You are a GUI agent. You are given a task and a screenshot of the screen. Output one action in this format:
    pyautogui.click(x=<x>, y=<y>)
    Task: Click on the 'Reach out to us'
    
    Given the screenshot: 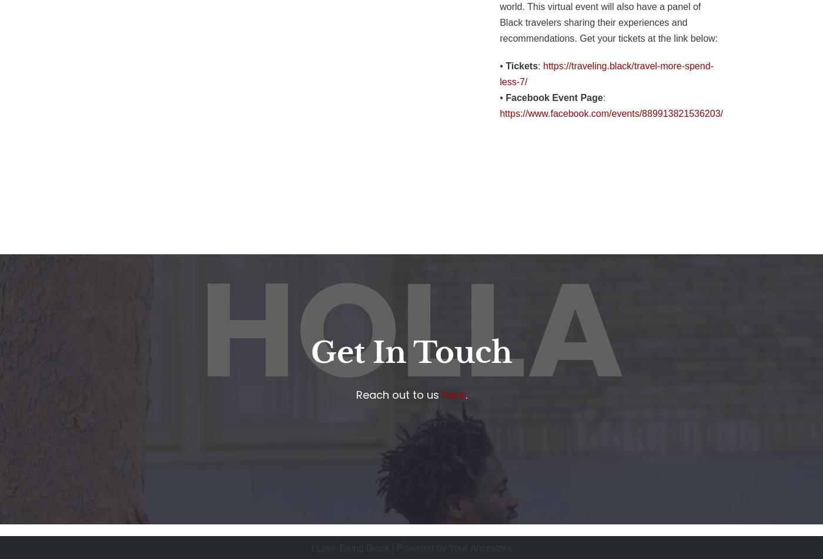 What is the action you would take?
    pyautogui.click(x=355, y=394)
    